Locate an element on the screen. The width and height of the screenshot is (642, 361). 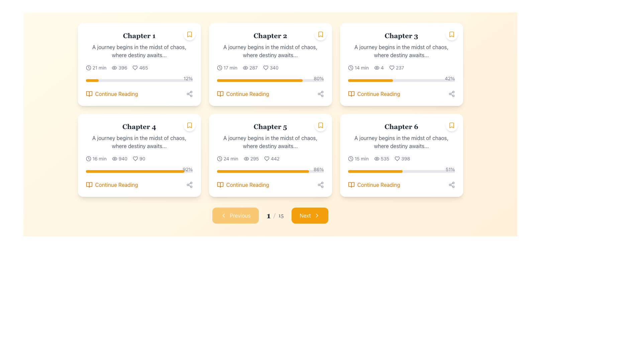
the static text displaying the number of likes, located in the 'Chapter 4' section adjacent to the heart icon is located at coordinates (142, 158).